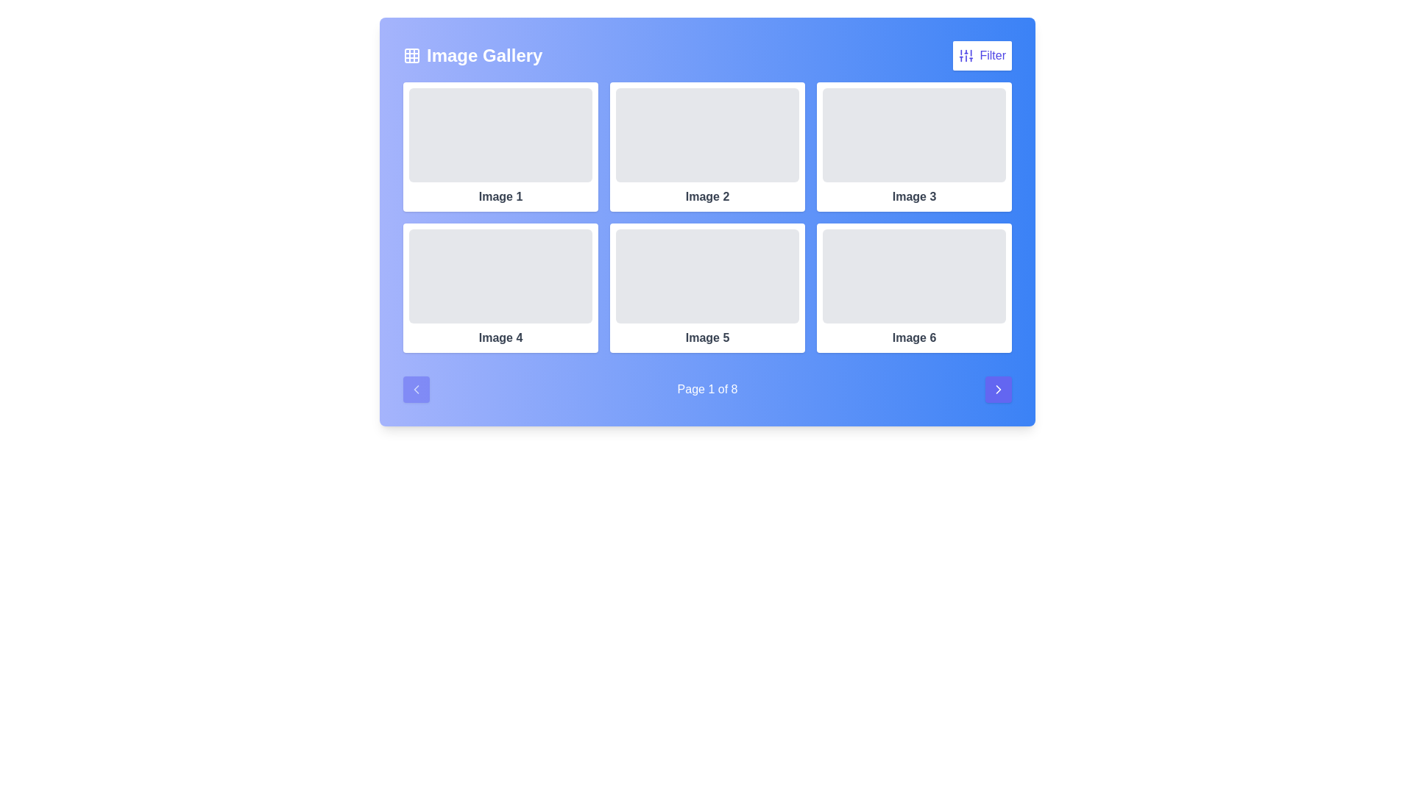  Describe the element at coordinates (472, 55) in the screenshot. I see `the 'Image Gallery' header element, which includes the text label and adjacent grid icon, positioned on the left side of the header section` at that location.